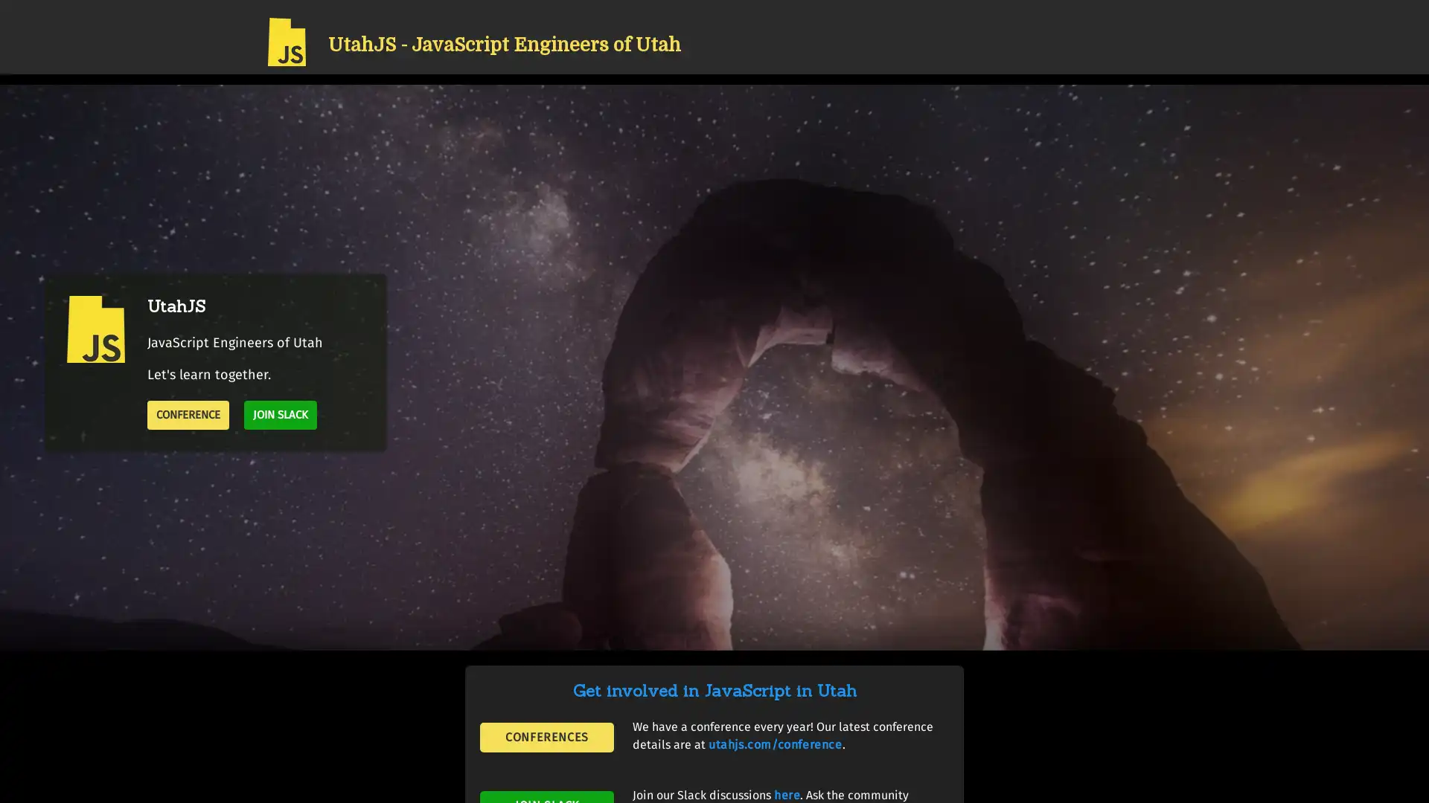 Image resolution: width=1429 pixels, height=803 pixels. What do you see at coordinates (546, 737) in the screenshot?
I see `CONFERENCES` at bounding box center [546, 737].